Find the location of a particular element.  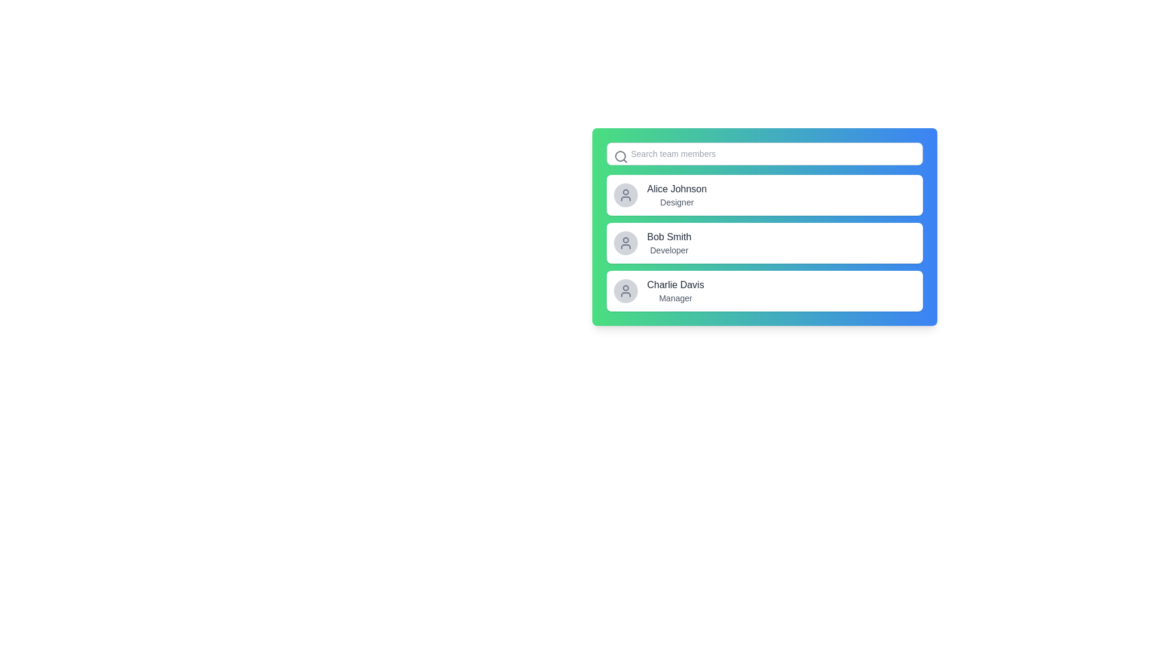

the small circular shape that is part of the magnifying glass icon located to the left of the search text field within the search bar area is located at coordinates (620, 156).